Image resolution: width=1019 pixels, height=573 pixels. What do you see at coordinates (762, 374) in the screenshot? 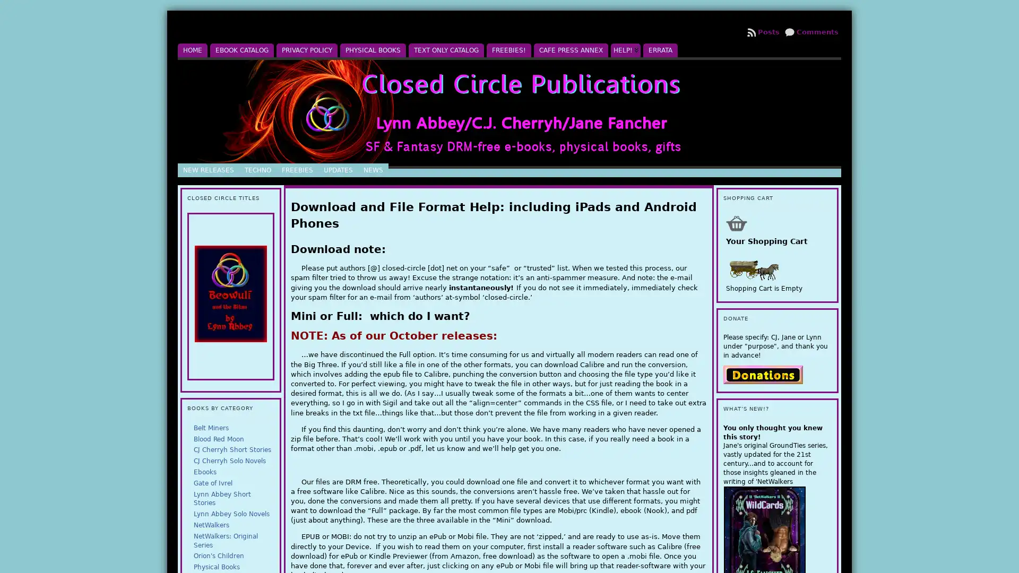
I see `PayPal - The safer, easier way to pay online.` at bounding box center [762, 374].